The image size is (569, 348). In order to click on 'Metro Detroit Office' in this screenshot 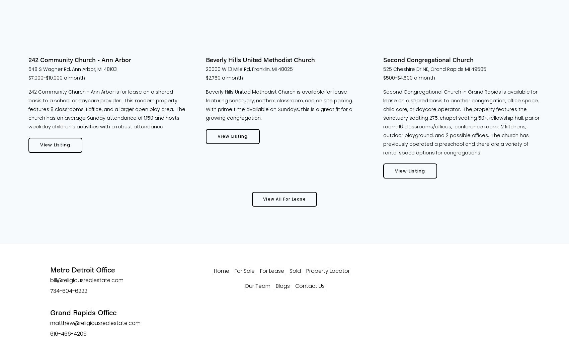, I will do `click(50, 269)`.